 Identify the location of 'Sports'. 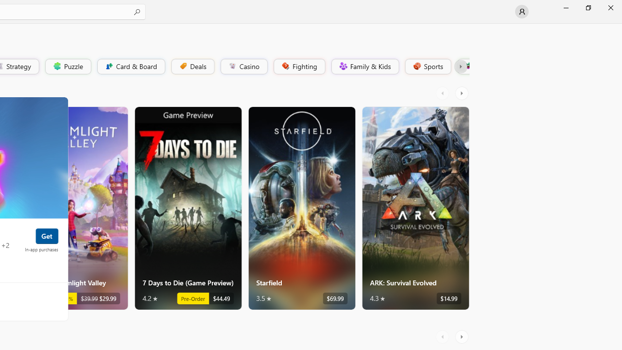
(427, 66).